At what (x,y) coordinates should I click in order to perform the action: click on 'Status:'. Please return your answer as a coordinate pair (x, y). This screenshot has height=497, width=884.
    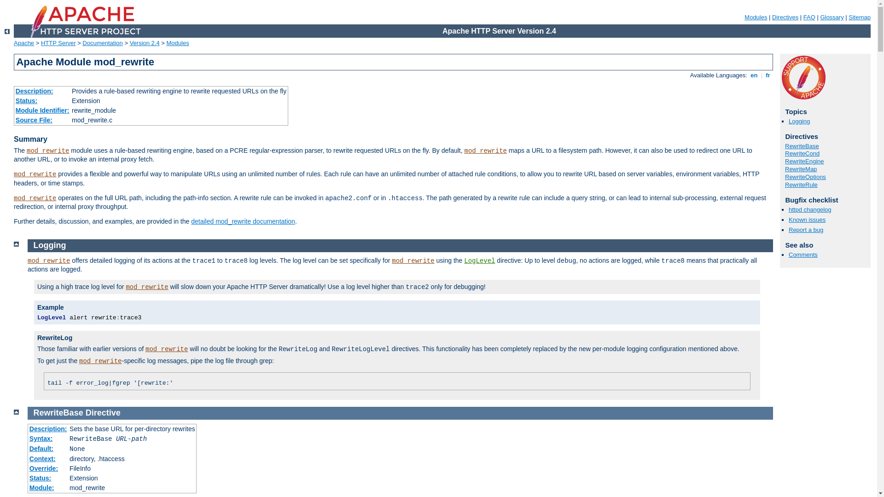
    Looking at the image, I should click on (40, 477).